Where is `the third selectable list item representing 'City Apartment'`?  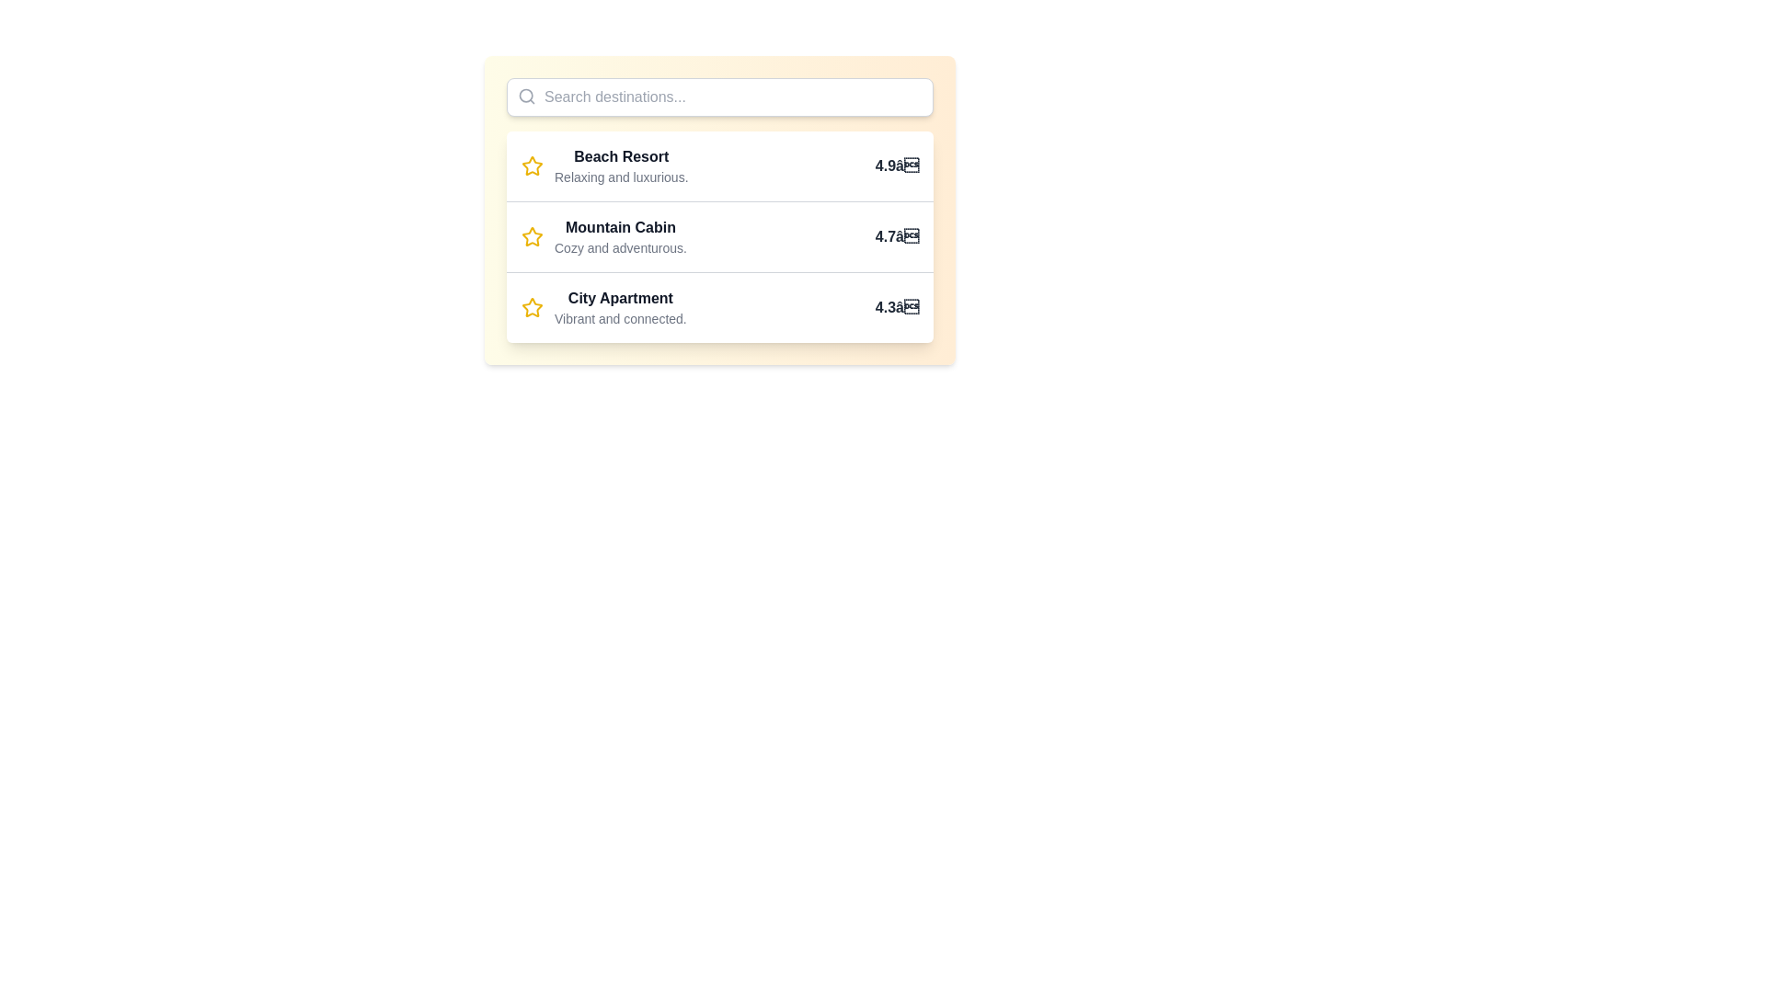
the third selectable list item representing 'City Apartment' is located at coordinates (718, 306).